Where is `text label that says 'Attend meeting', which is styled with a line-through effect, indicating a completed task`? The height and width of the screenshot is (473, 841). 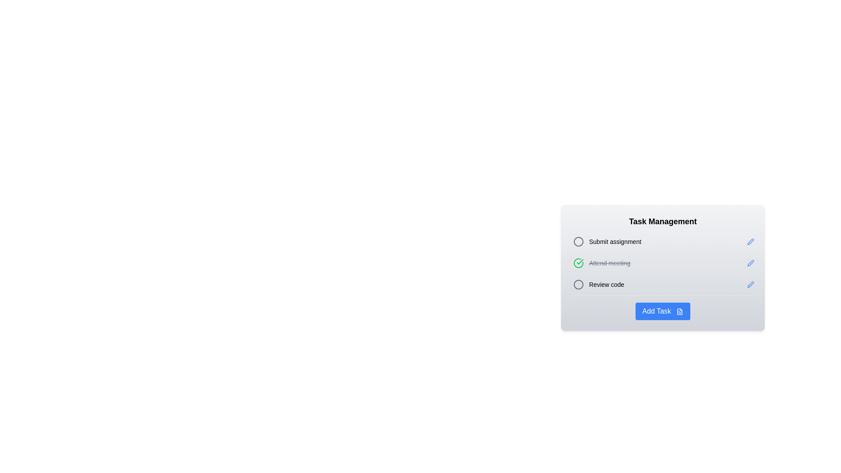 text label that says 'Attend meeting', which is styled with a line-through effect, indicating a completed task is located at coordinates (609, 263).